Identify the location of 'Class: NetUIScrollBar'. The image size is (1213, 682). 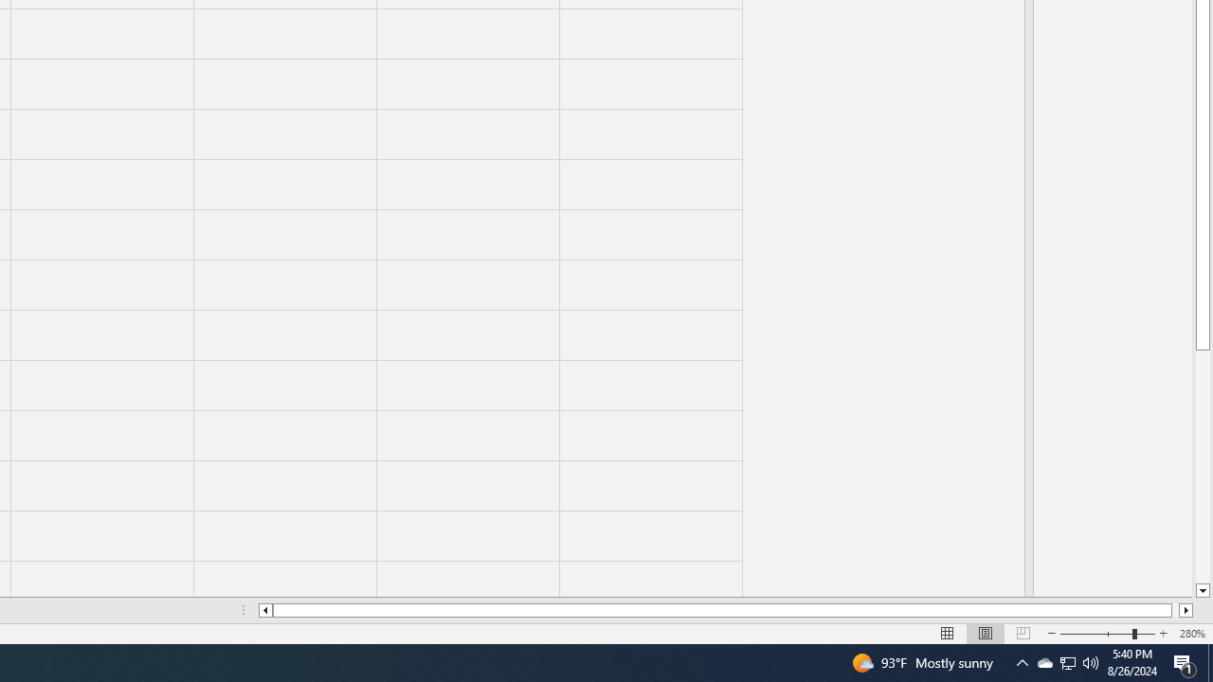
(725, 610).